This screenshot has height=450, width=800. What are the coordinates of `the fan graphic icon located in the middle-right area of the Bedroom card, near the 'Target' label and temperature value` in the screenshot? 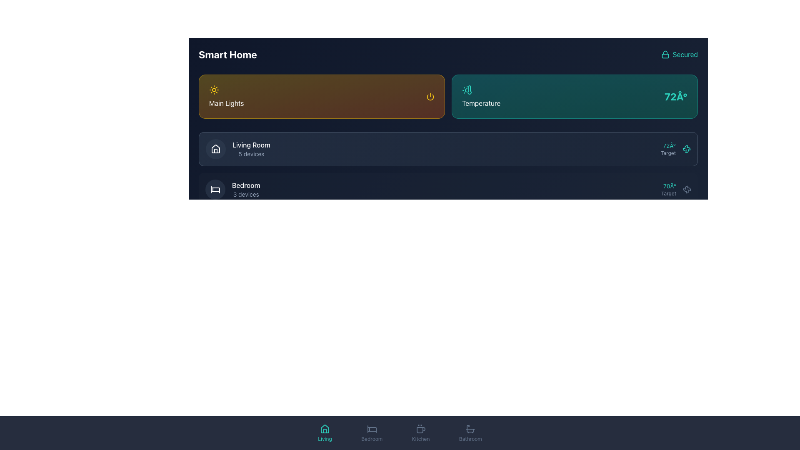 It's located at (686, 149).